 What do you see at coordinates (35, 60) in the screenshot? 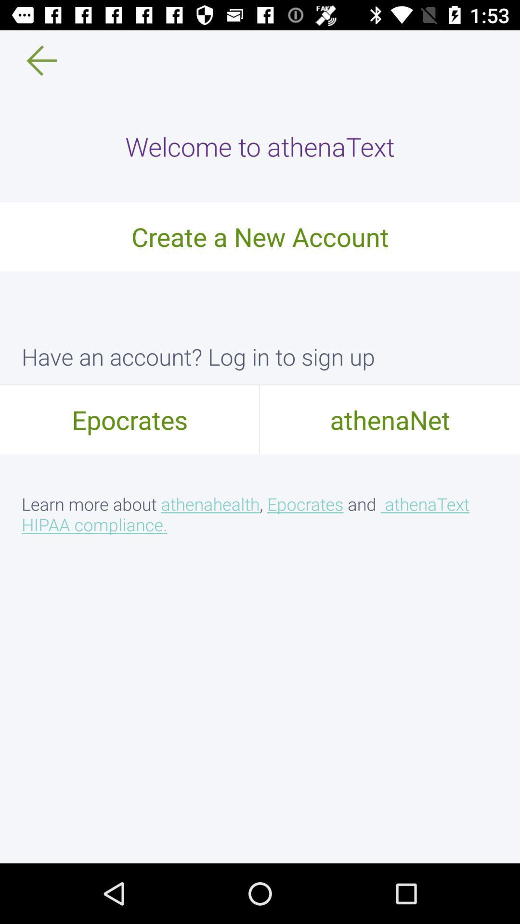
I see `item above welcome to athenatext` at bounding box center [35, 60].